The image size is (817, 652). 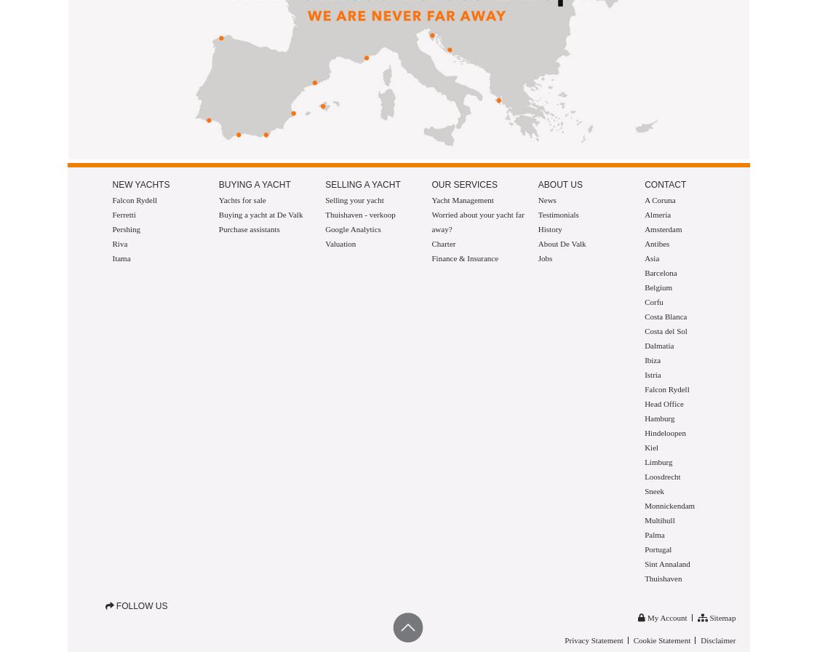 I want to click on 'Istria', so click(x=652, y=375).